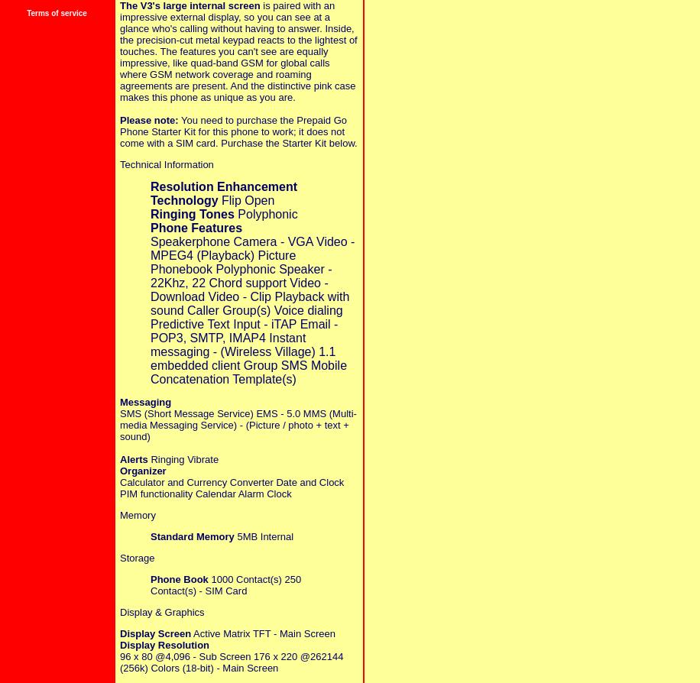 Image resolution: width=700 pixels, height=683 pixels. I want to click on 'Display Screen', so click(154, 632).